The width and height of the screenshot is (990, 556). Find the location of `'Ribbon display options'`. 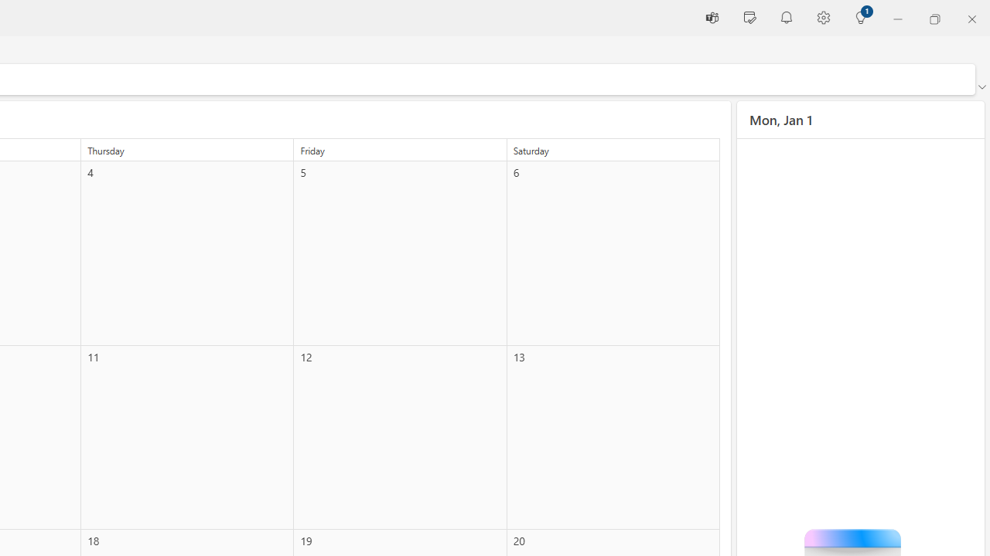

'Ribbon display options' is located at coordinates (981, 87).